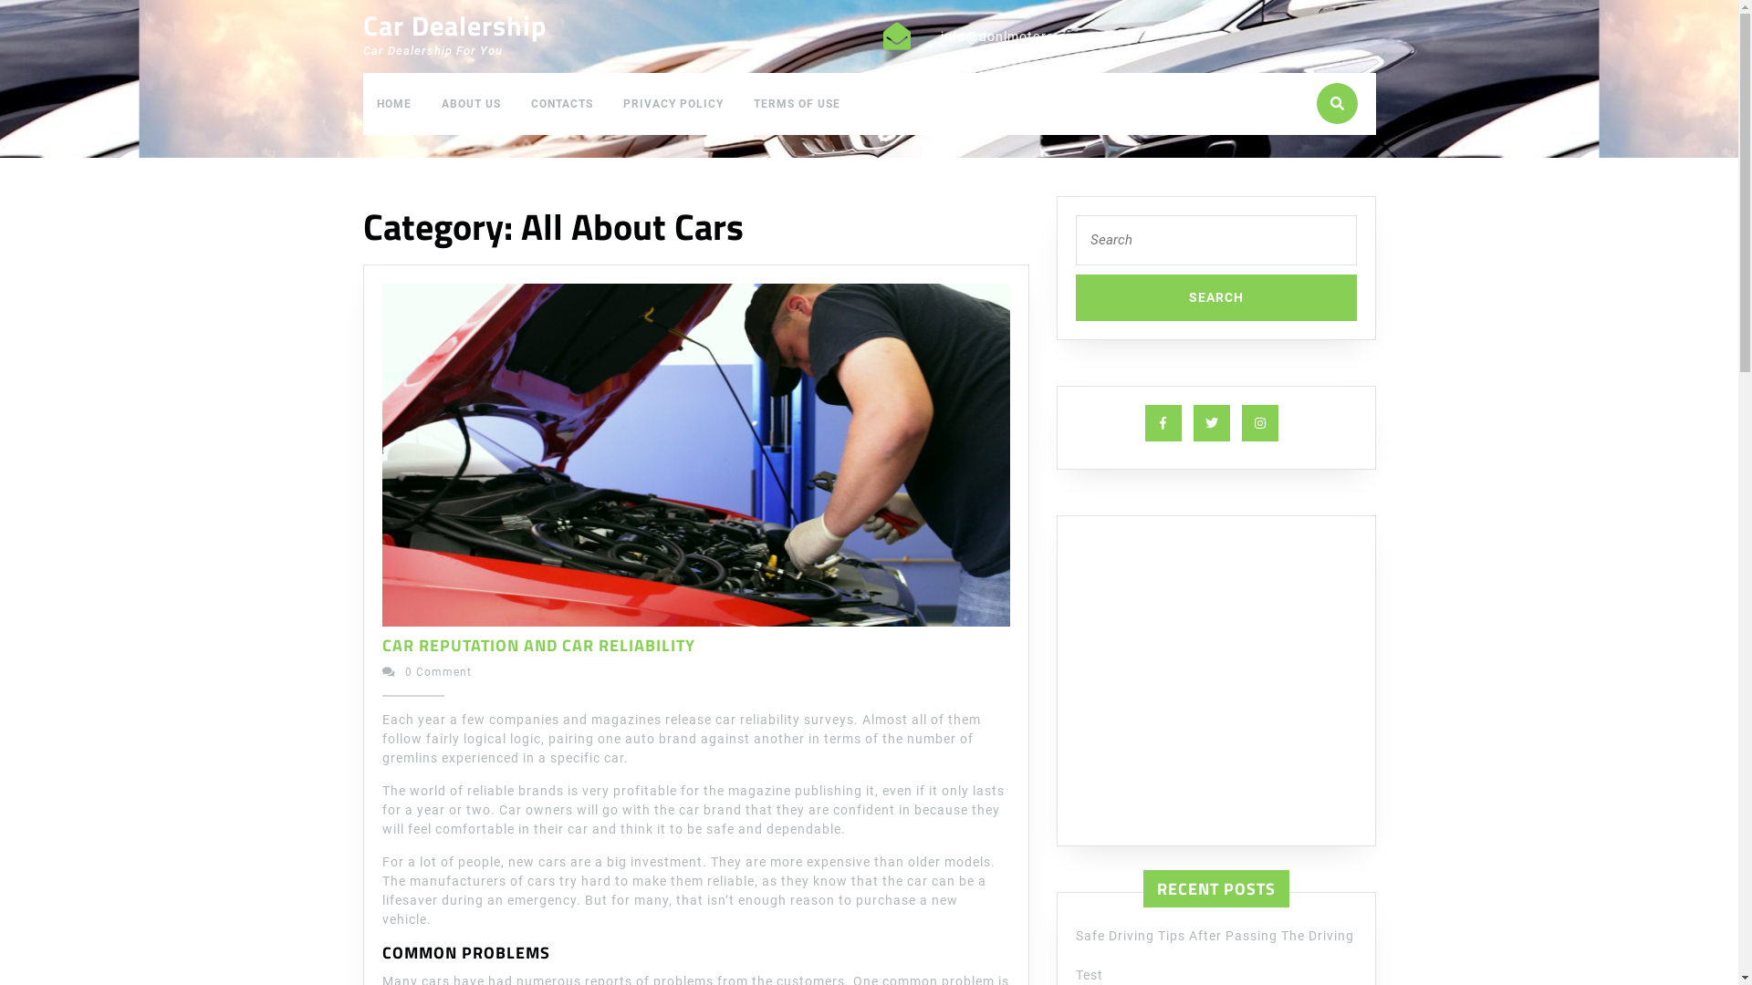  What do you see at coordinates (1214, 954) in the screenshot?
I see `'Safe Driving Tips After Passing The Driving Test'` at bounding box center [1214, 954].